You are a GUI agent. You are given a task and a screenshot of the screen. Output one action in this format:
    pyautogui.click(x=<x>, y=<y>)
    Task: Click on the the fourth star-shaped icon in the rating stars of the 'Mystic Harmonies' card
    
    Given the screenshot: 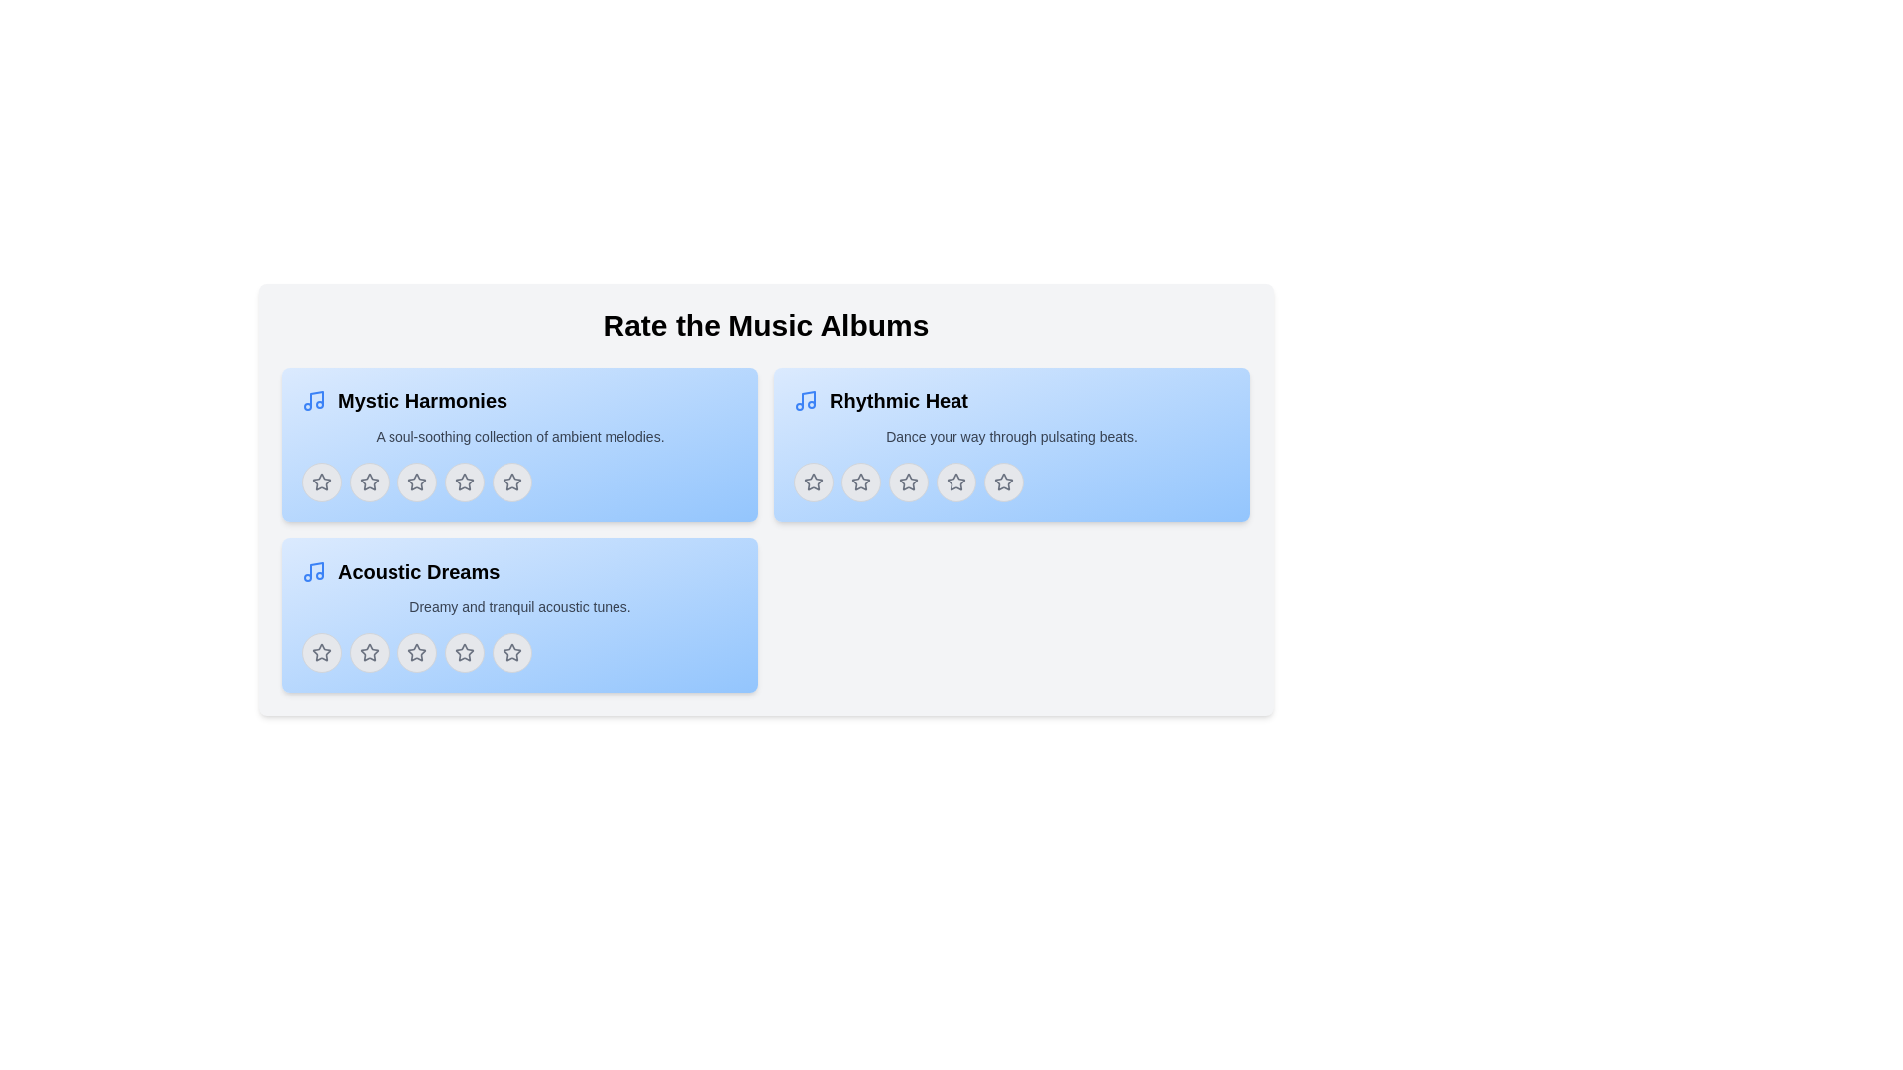 What is the action you would take?
    pyautogui.click(x=464, y=481)
    